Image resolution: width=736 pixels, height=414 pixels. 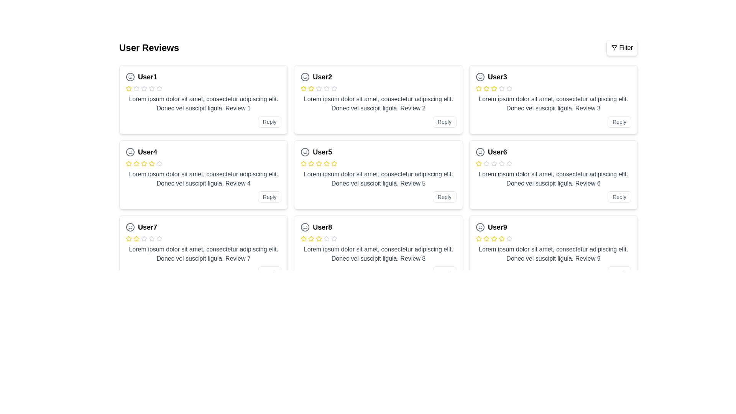 I want to click on the reply button located at the bottom-right corner of the review card for 'User2' to initiate a reply action, so click(x=444, y=121).